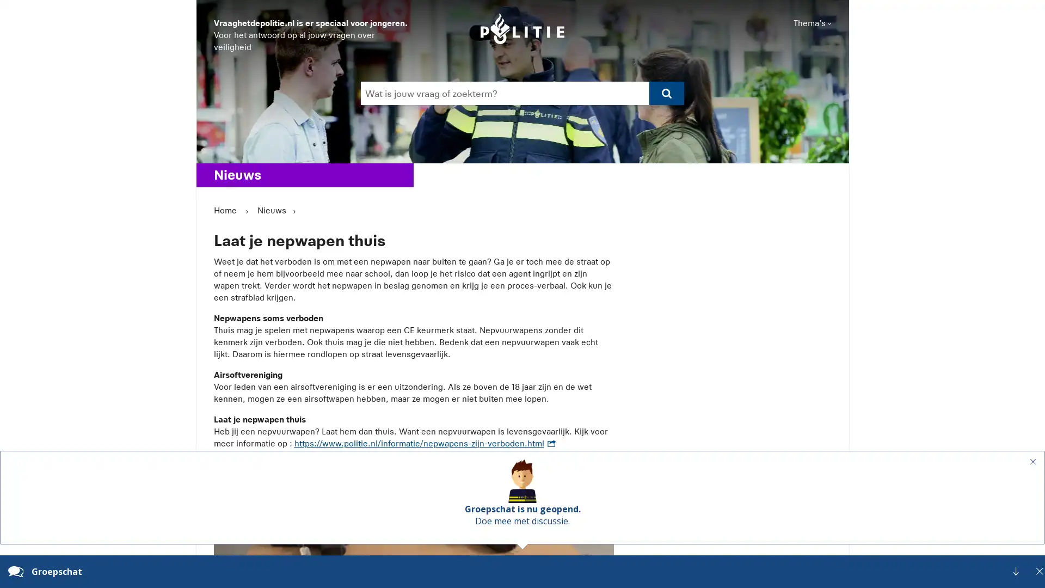 The image size is (1045, 588). What do you see at coordinates (666, 93) in the screenshot?
I see `Zoeken` at bounding box center [666, 93].